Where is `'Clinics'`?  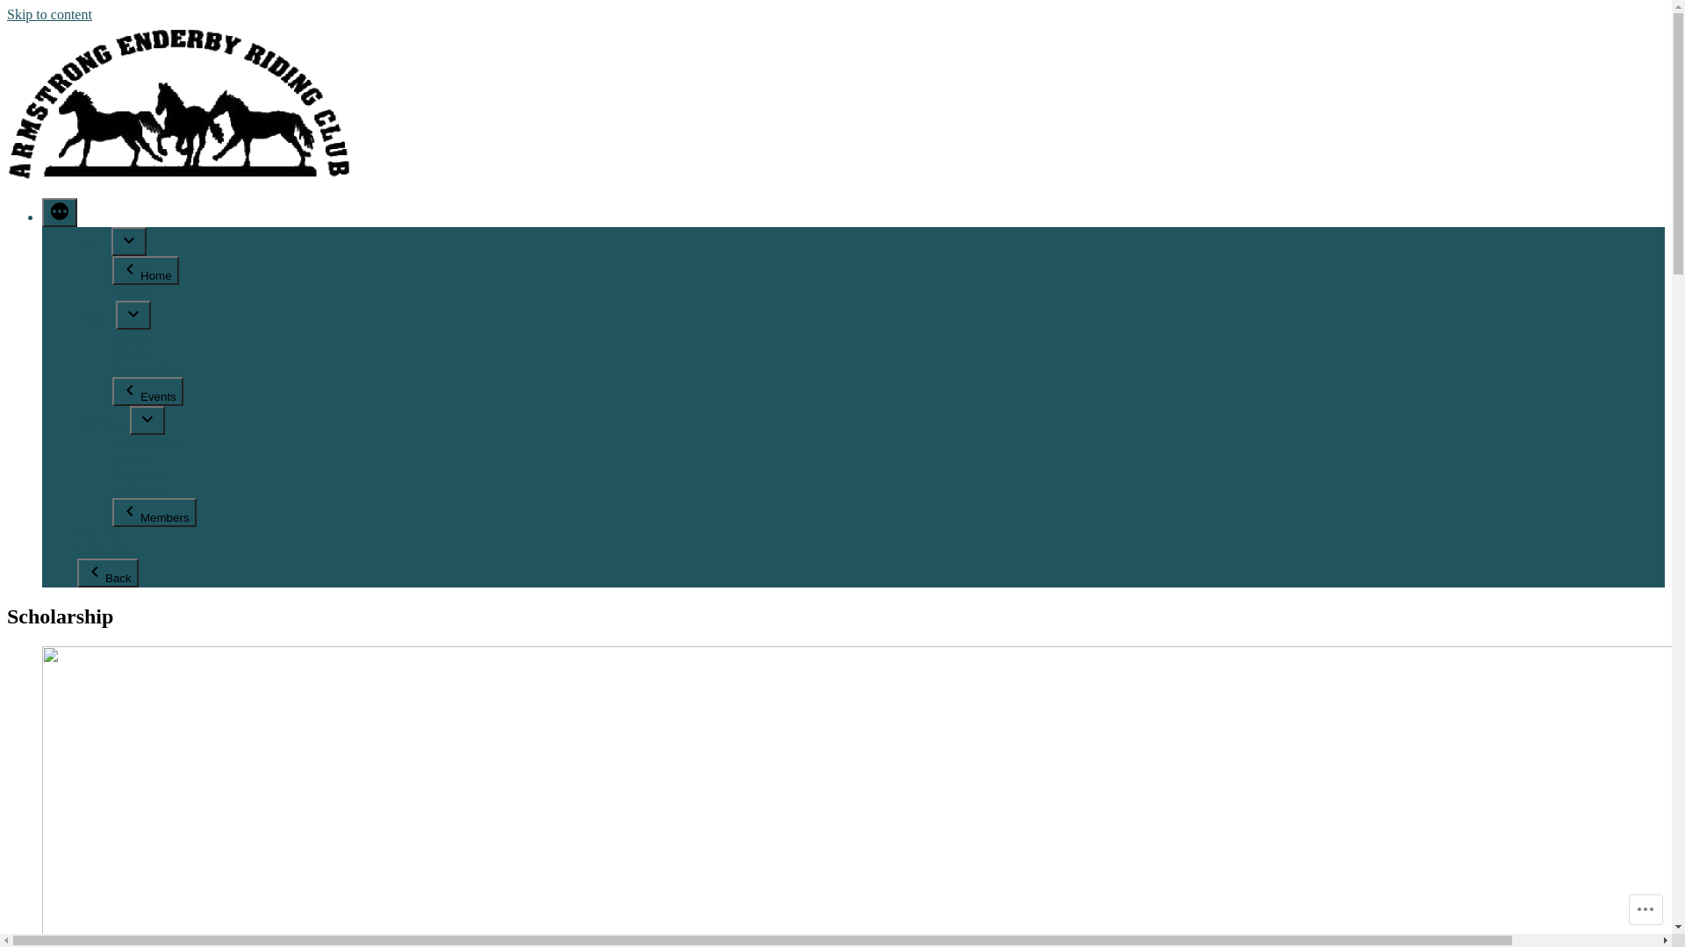
'Clinics' is located at coordinates (111, 352).